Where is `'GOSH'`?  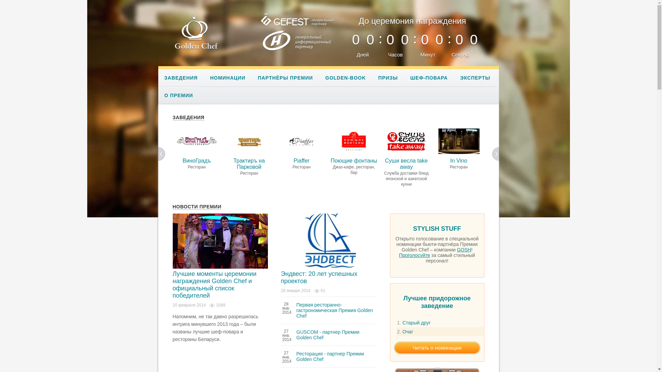 'GOSH' is located at coordinates (464, 250).